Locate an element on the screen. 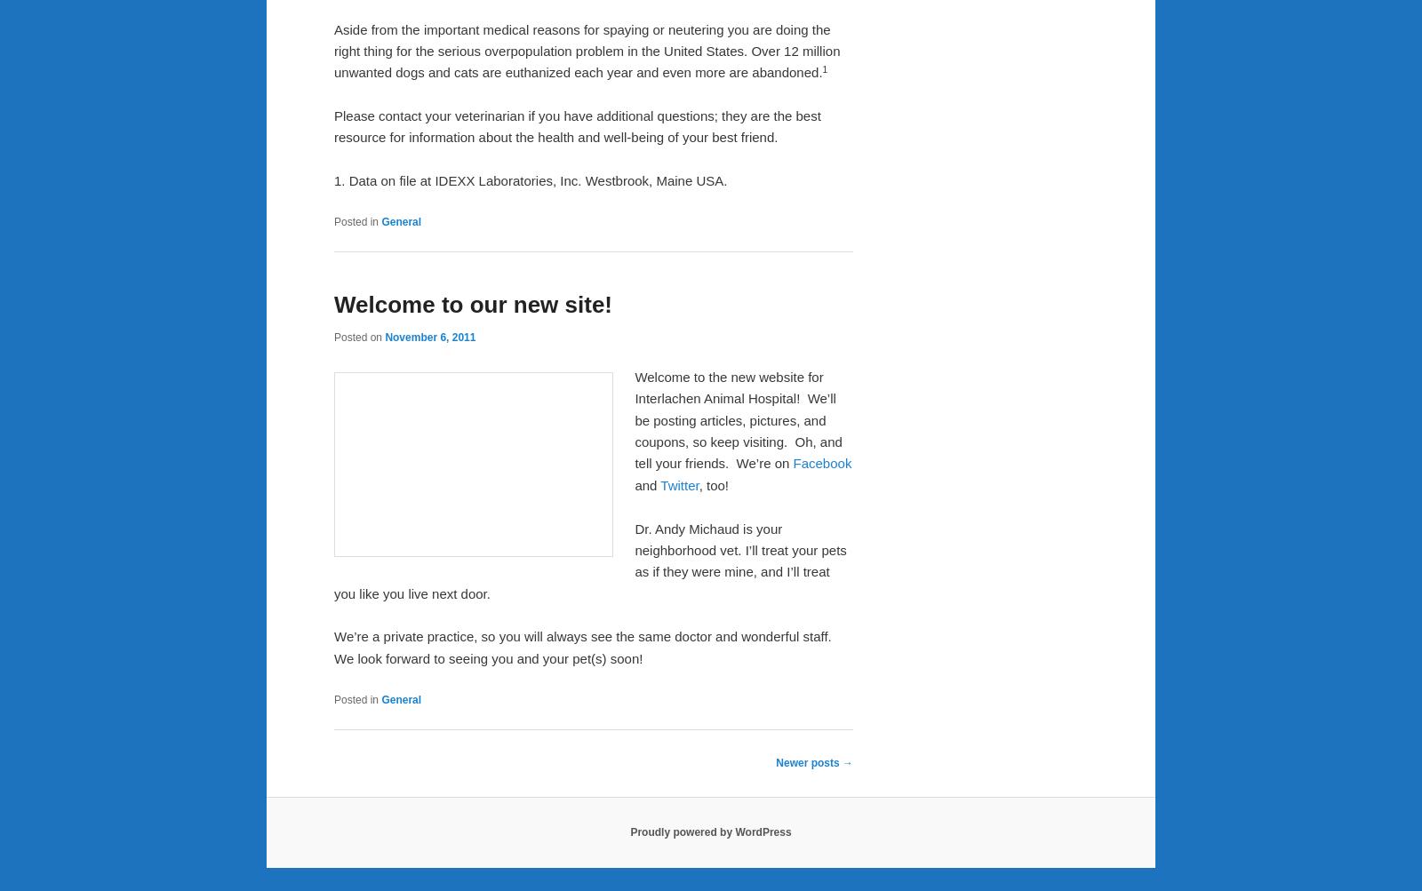 The width and height of the screenshot is (1422, 891). 'November 6, 2011' is located at coordinates (429, 336).